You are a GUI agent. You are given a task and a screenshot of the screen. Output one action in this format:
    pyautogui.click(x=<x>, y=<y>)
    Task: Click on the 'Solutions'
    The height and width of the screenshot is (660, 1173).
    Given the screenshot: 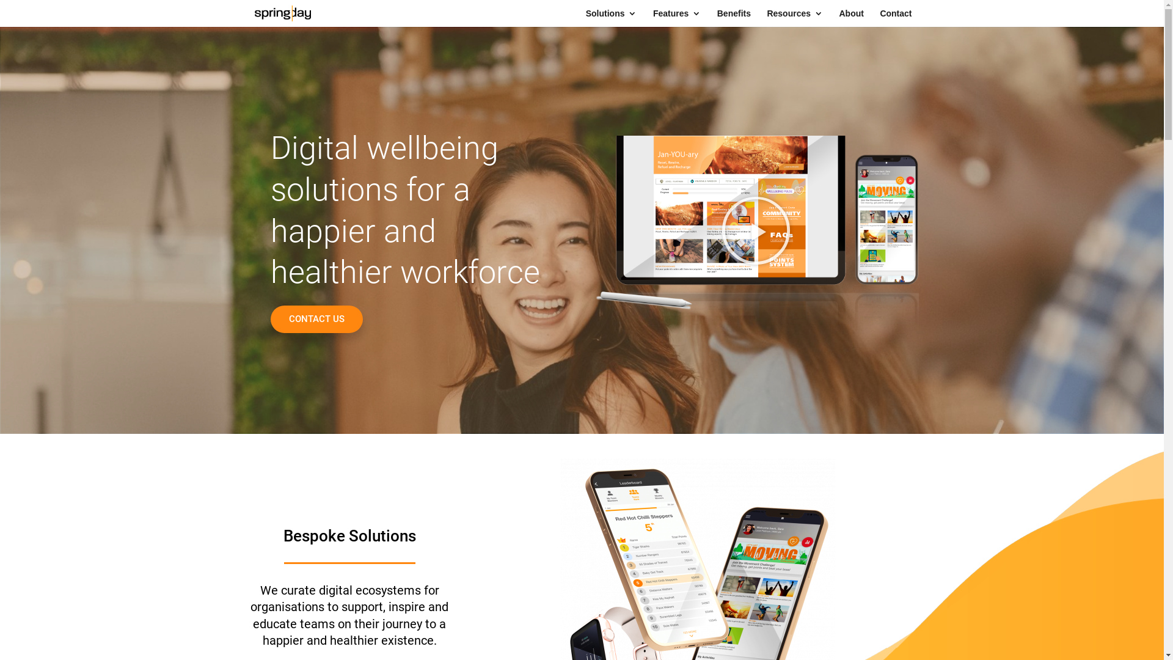 What is the action you would take?
    pyautogui.click(x=612, y=18)
    